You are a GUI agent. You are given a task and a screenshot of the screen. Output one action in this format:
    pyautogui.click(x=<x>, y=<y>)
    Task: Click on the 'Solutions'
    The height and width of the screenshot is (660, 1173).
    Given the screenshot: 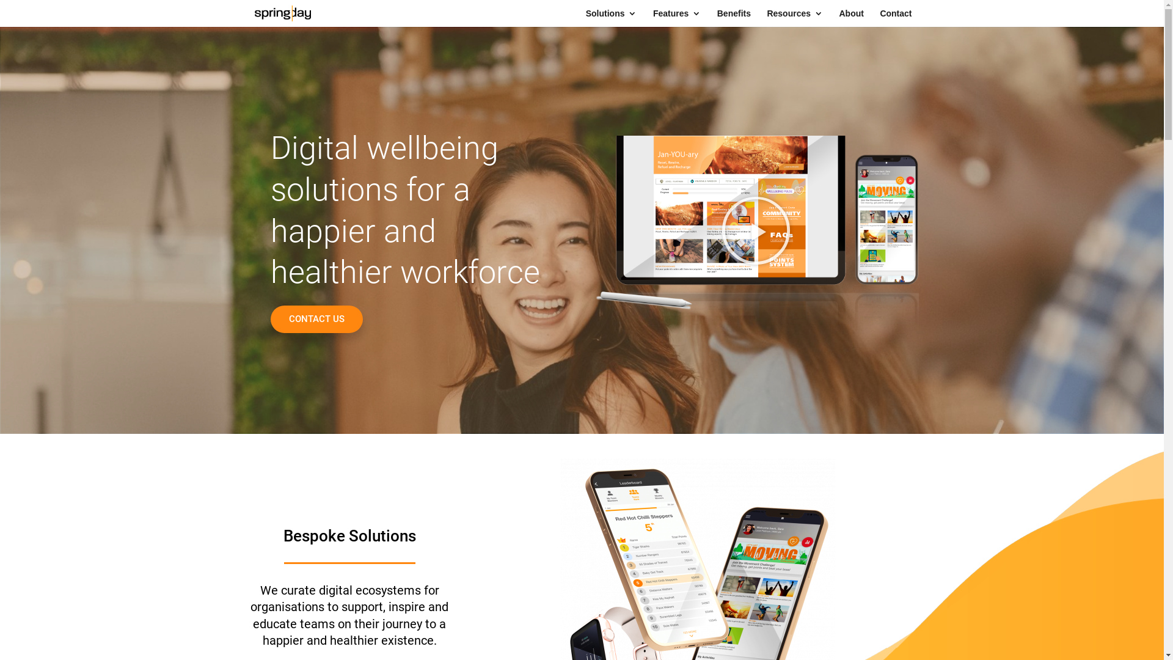 What is the action you would take?
    pyautogui.click(x=612, y=18)
    